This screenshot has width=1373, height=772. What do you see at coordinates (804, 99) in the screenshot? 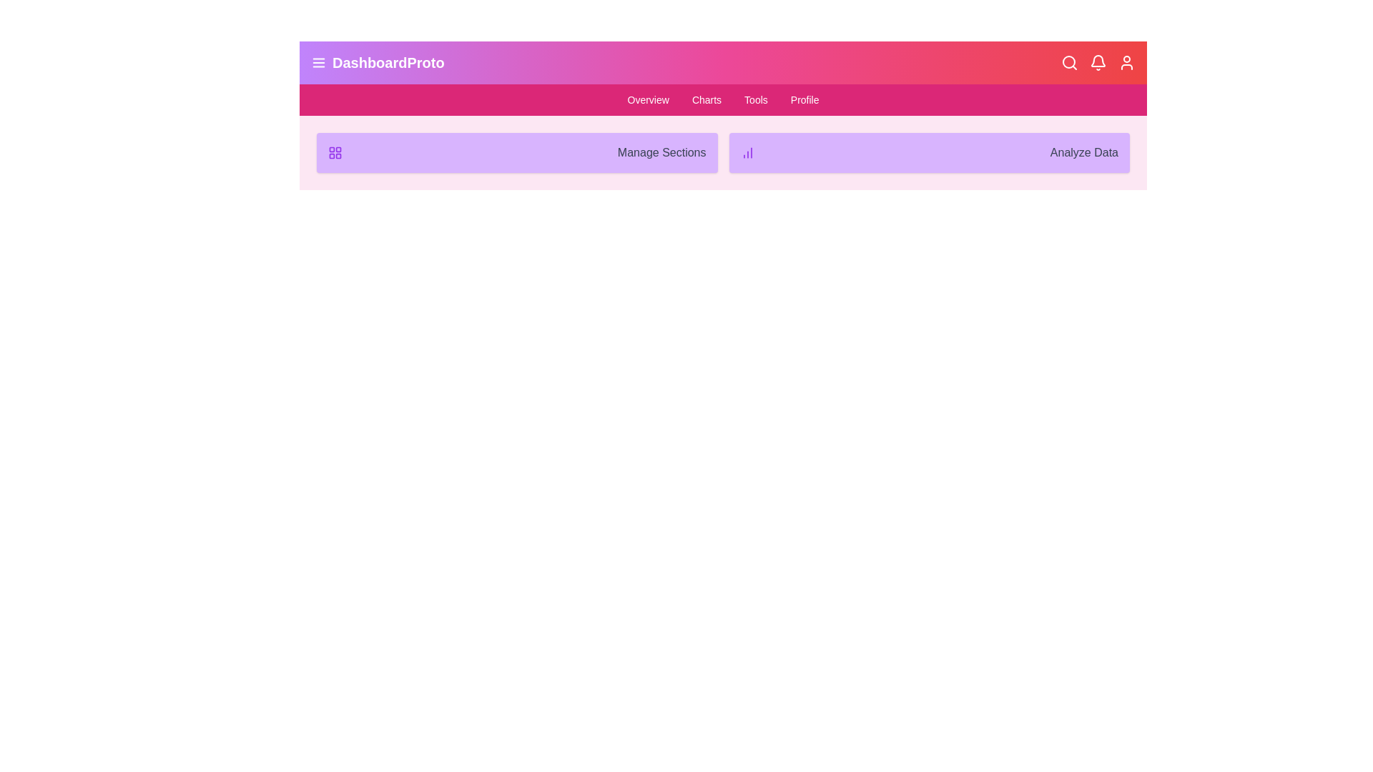
I see `the menu item Profile to navigate to the corresponding section` at bounding box center [804, 99].